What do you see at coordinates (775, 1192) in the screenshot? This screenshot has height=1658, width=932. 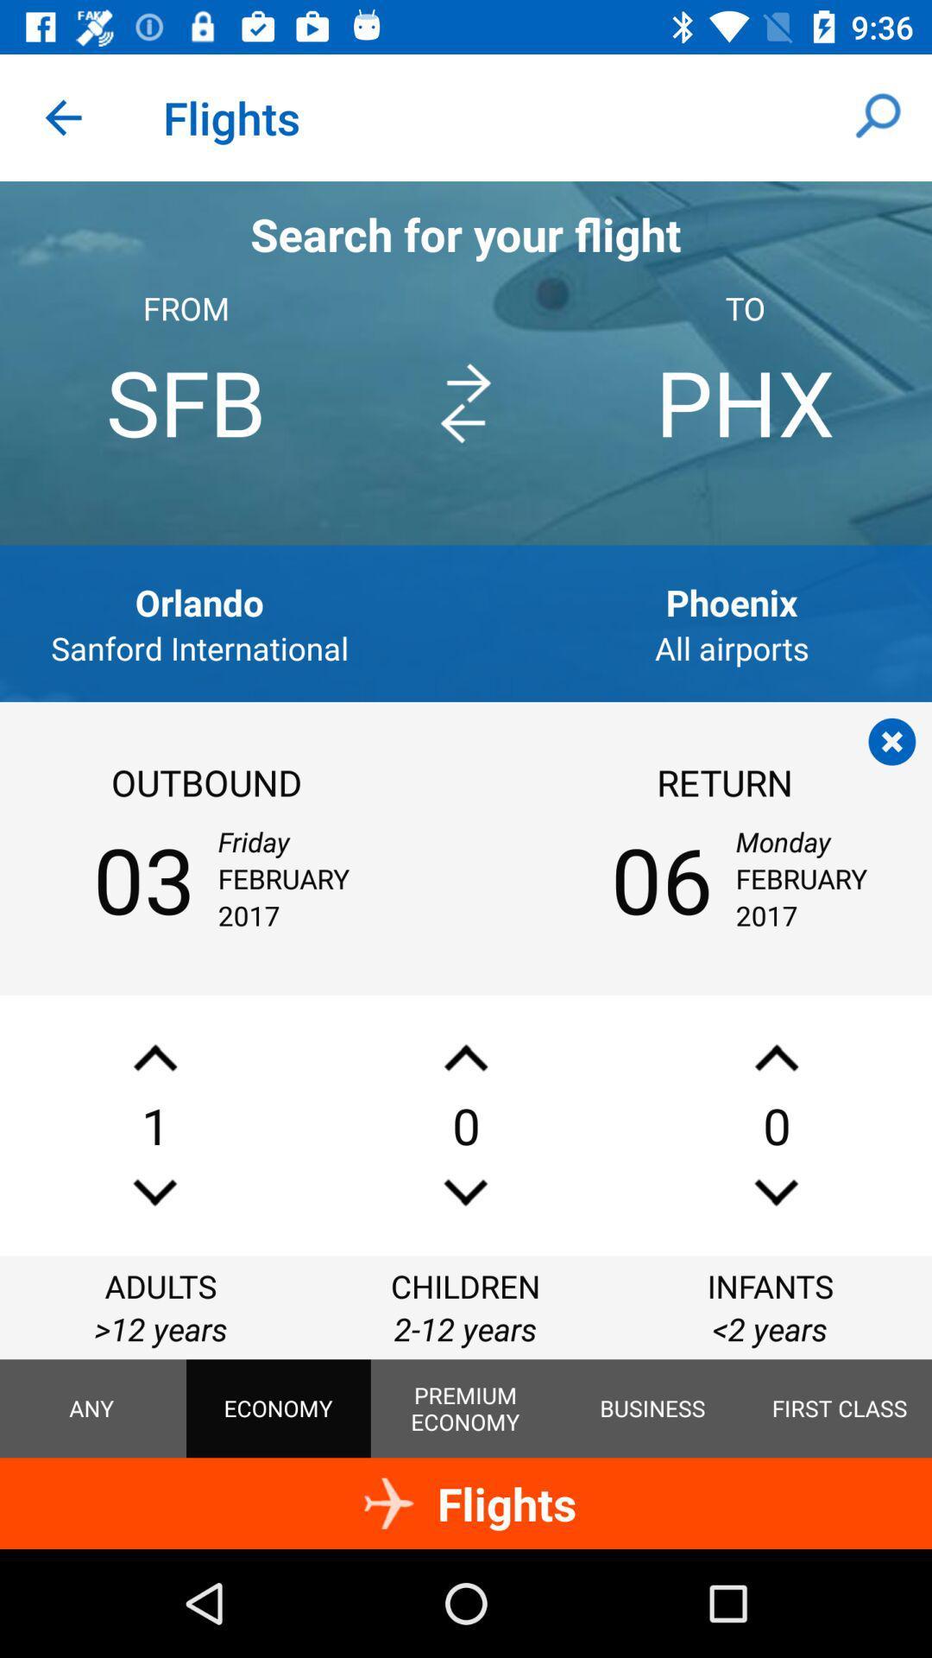 I see `decrements number infants category` at bounding box center [775, 1192].